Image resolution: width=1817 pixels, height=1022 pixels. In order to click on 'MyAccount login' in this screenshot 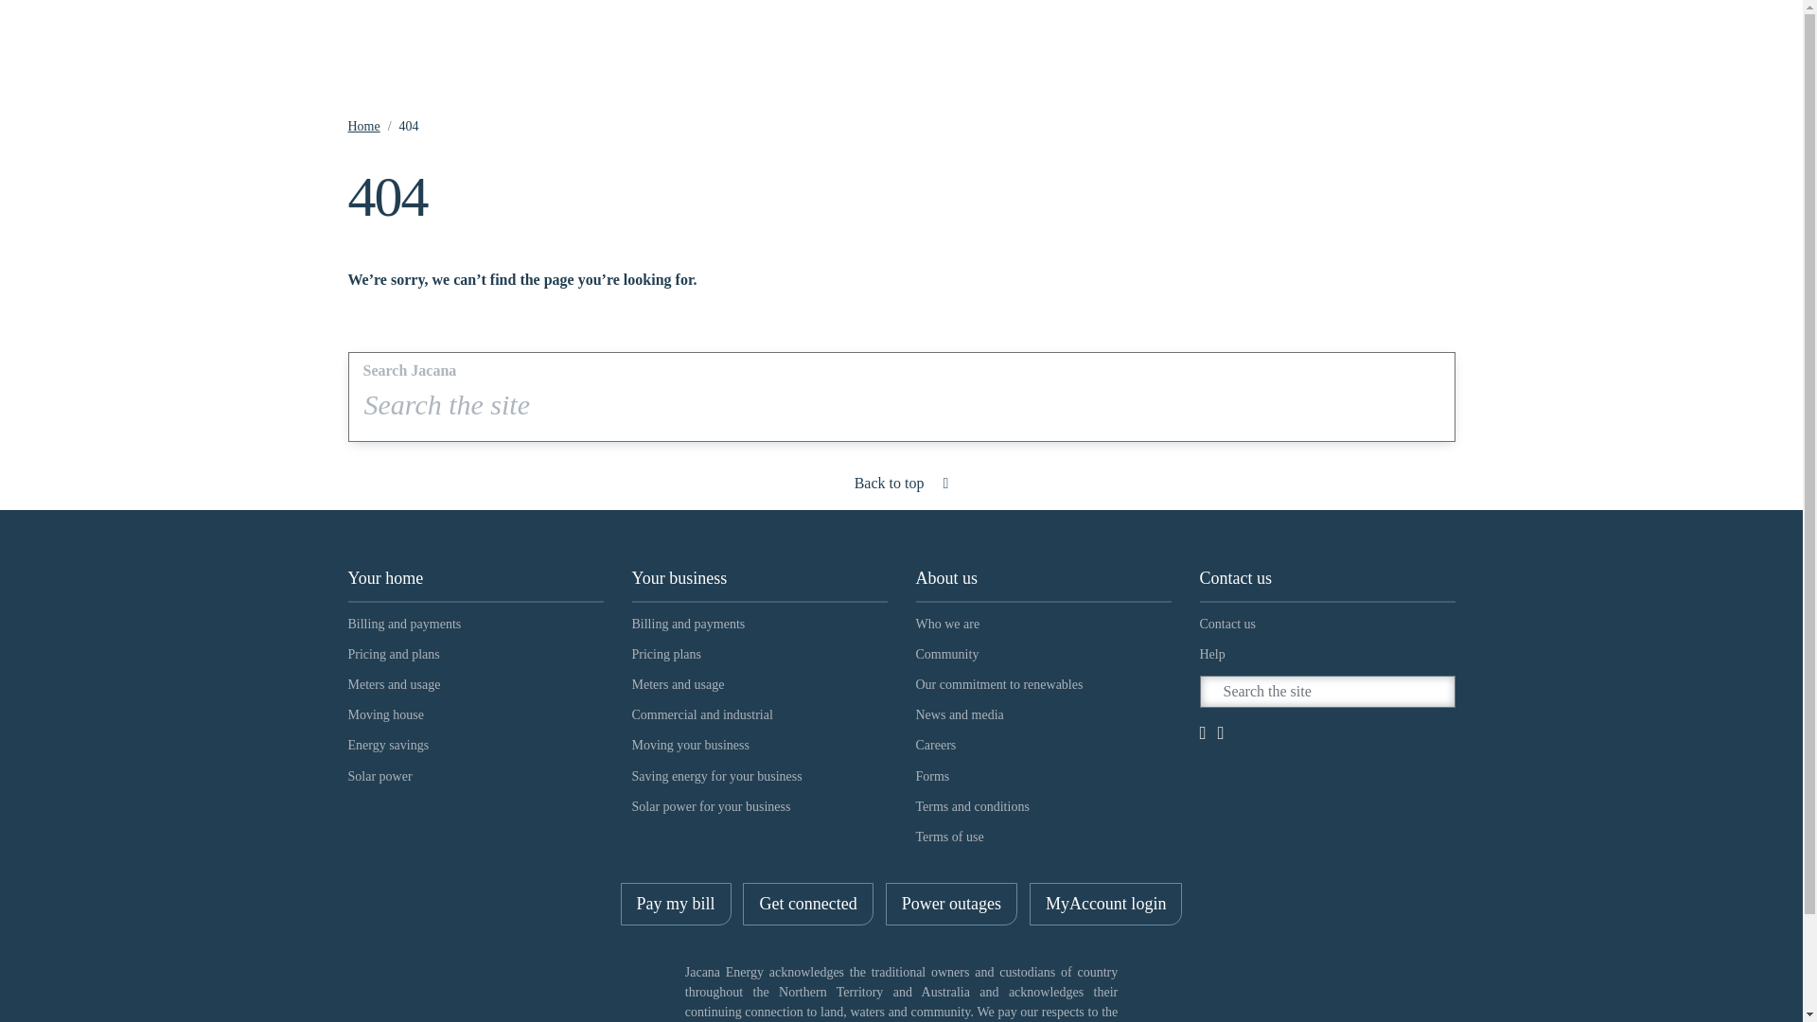, I will do `click(1106, 903)`.